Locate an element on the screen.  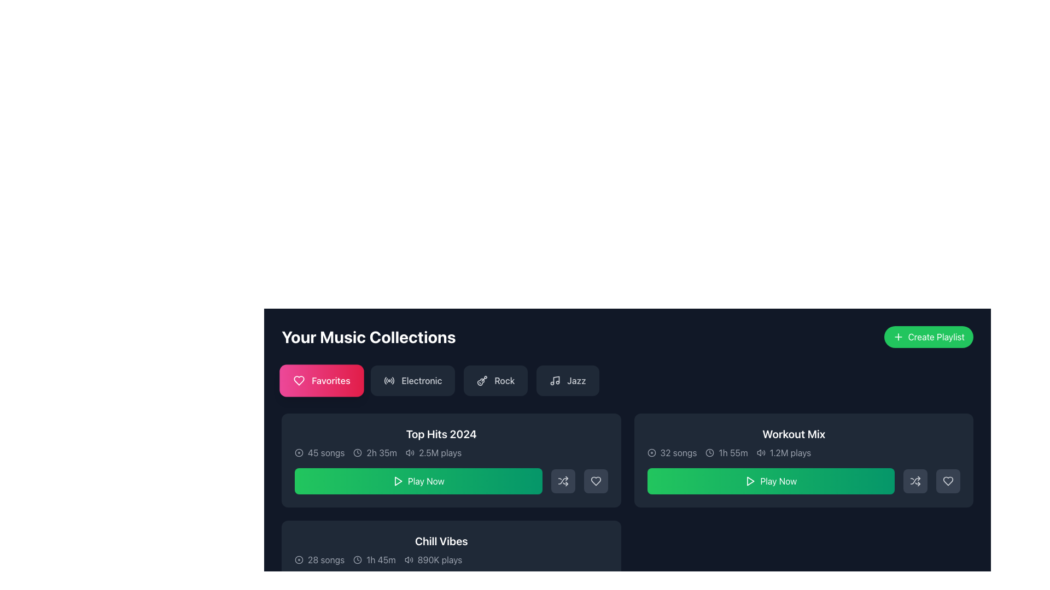
the 'Play Now' text label located within the green button in the 'Workout Mix' section is located at coordinates (778, 480).